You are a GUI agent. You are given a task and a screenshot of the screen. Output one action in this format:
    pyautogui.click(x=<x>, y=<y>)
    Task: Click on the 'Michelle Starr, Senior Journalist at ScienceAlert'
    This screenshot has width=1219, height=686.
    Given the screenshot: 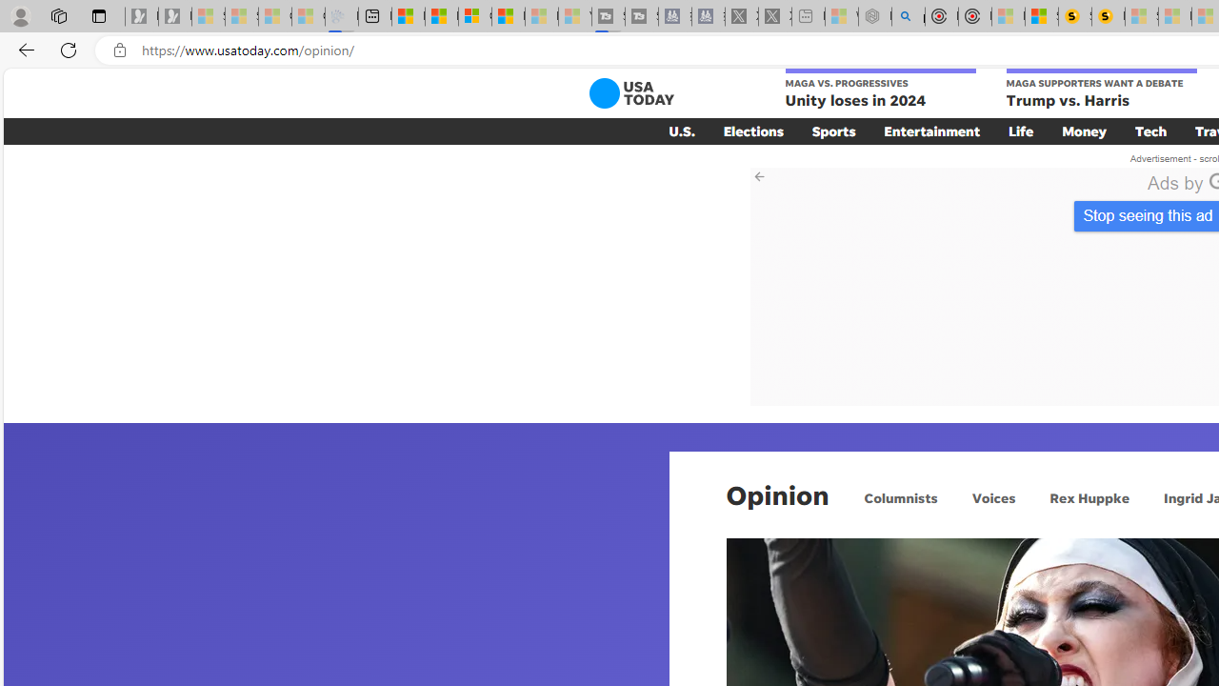 What is the action you would take?
    pyautogui.click(x=1109, y=16)
    